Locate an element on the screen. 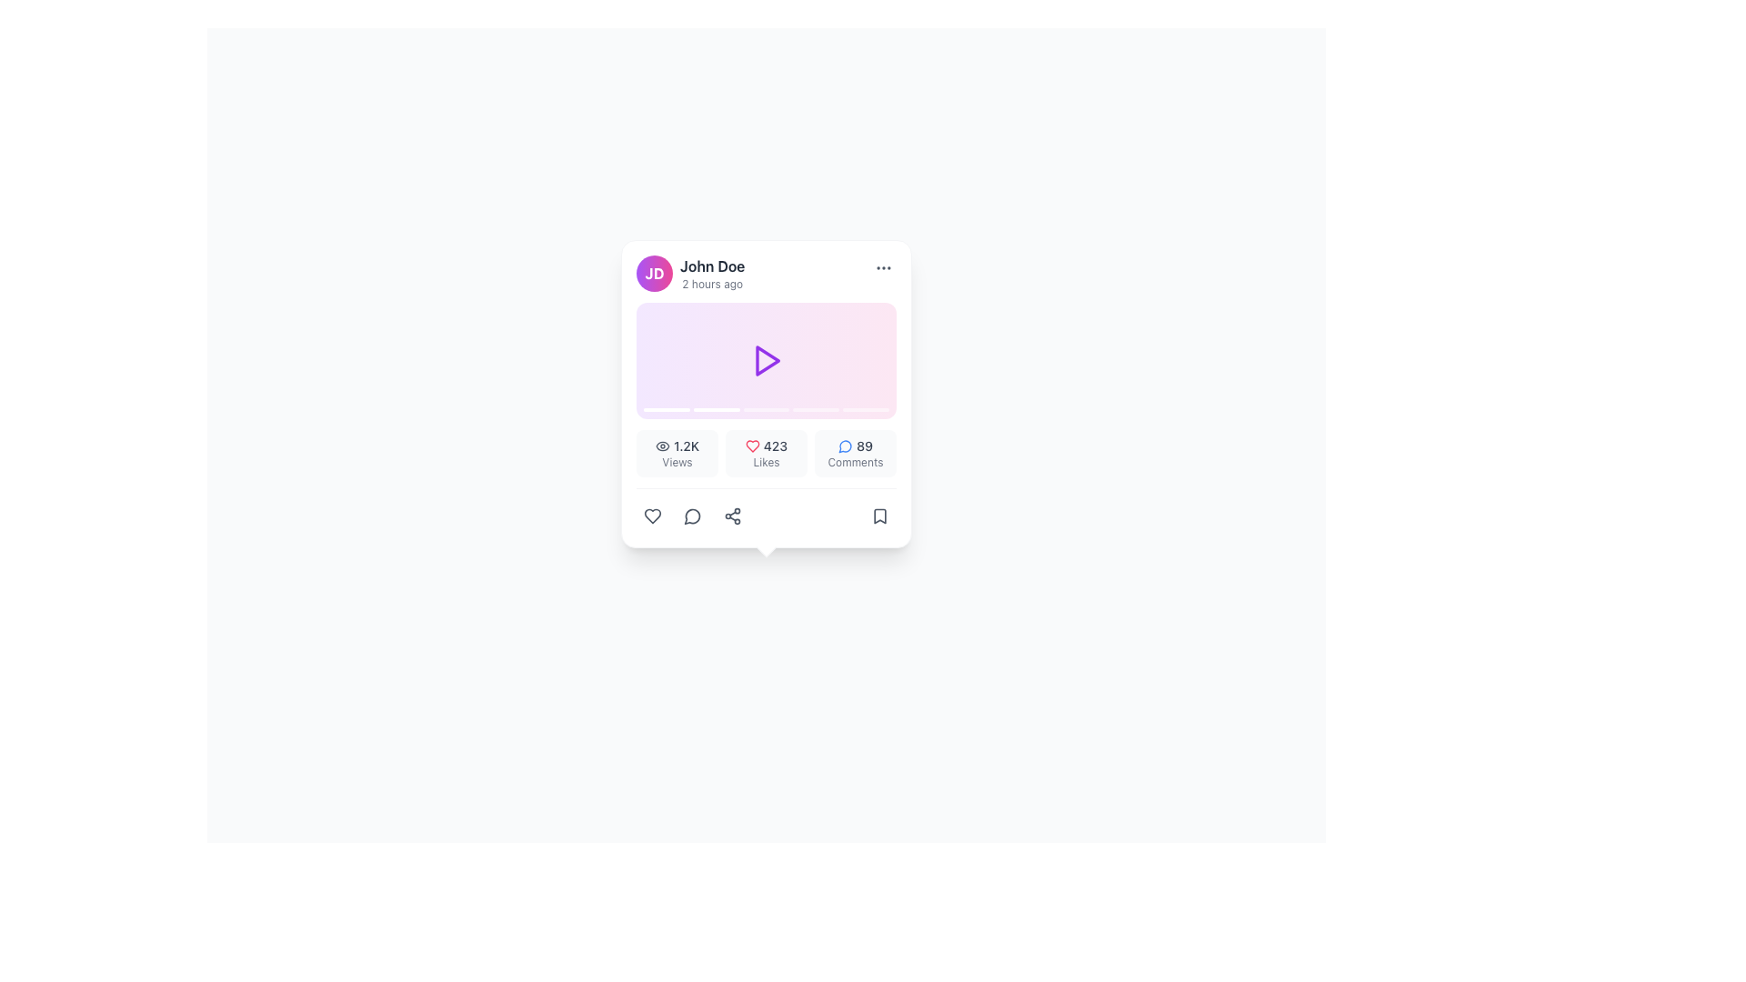 Image resolution: width=1746 pixels, height=982 pixels. the appearance of the heart icon that indicates 'likes' on the content, located to the left of the number '423' within the post-like UI card is located at coordinates (752, 446).